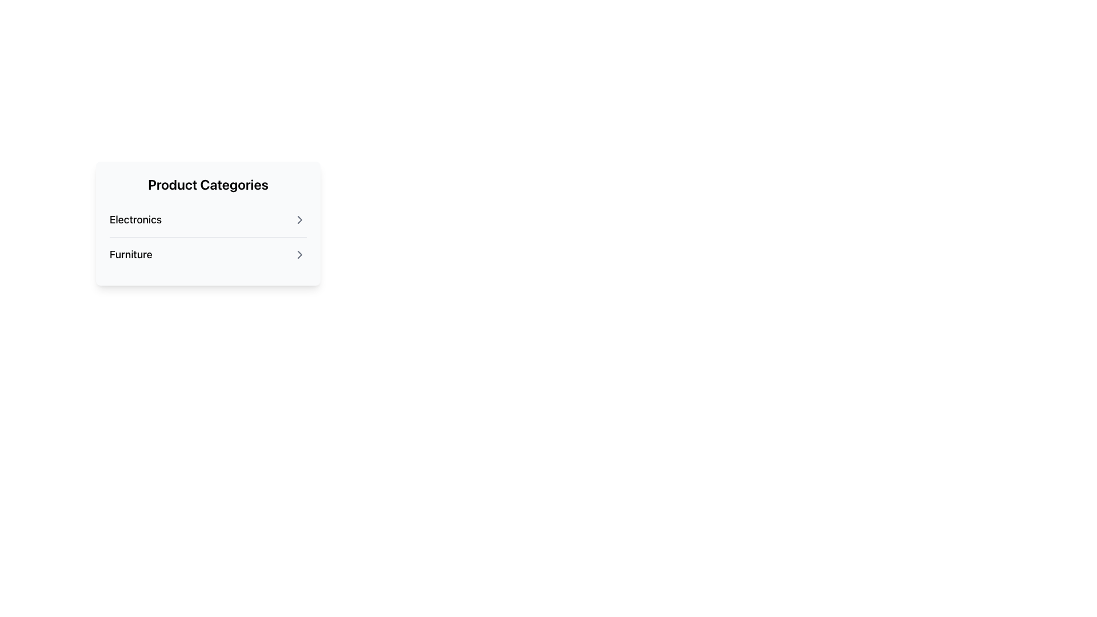 The width and height of the screenshot is (1097, 617). Describe the element at coordinates (135, 220) in the screenshot. I see `the 'Electronics' category title text label, which is the first item in the product categories list` at that location.